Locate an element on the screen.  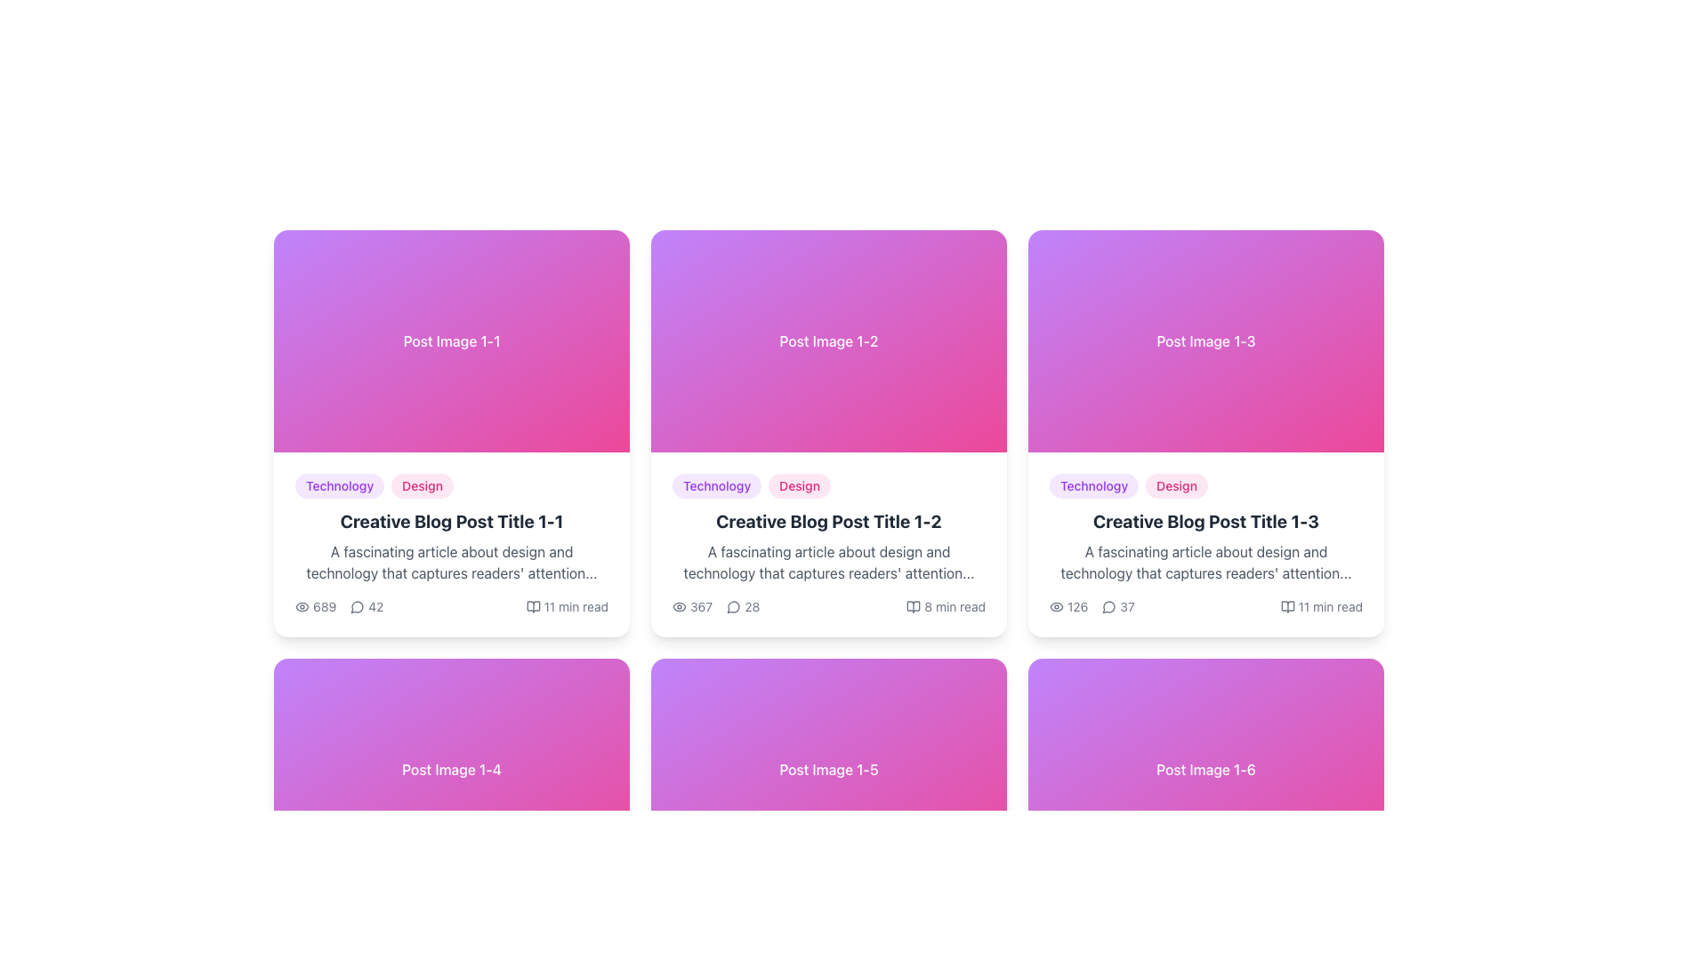
the blog post title text label located in the second column of the grid layout is located at coordinates (827, 520).